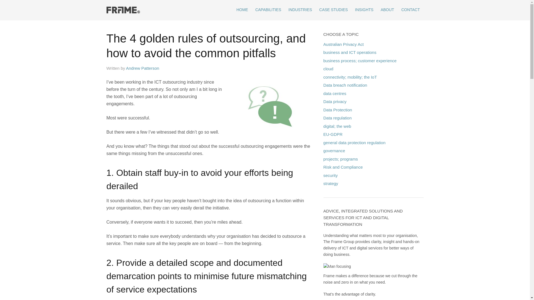 This screenshot has height=300, width=534. What do you see at coordinates (337, 117) in the screenshot?
I see `'Data regulation'` at bounding box center [337, 117].